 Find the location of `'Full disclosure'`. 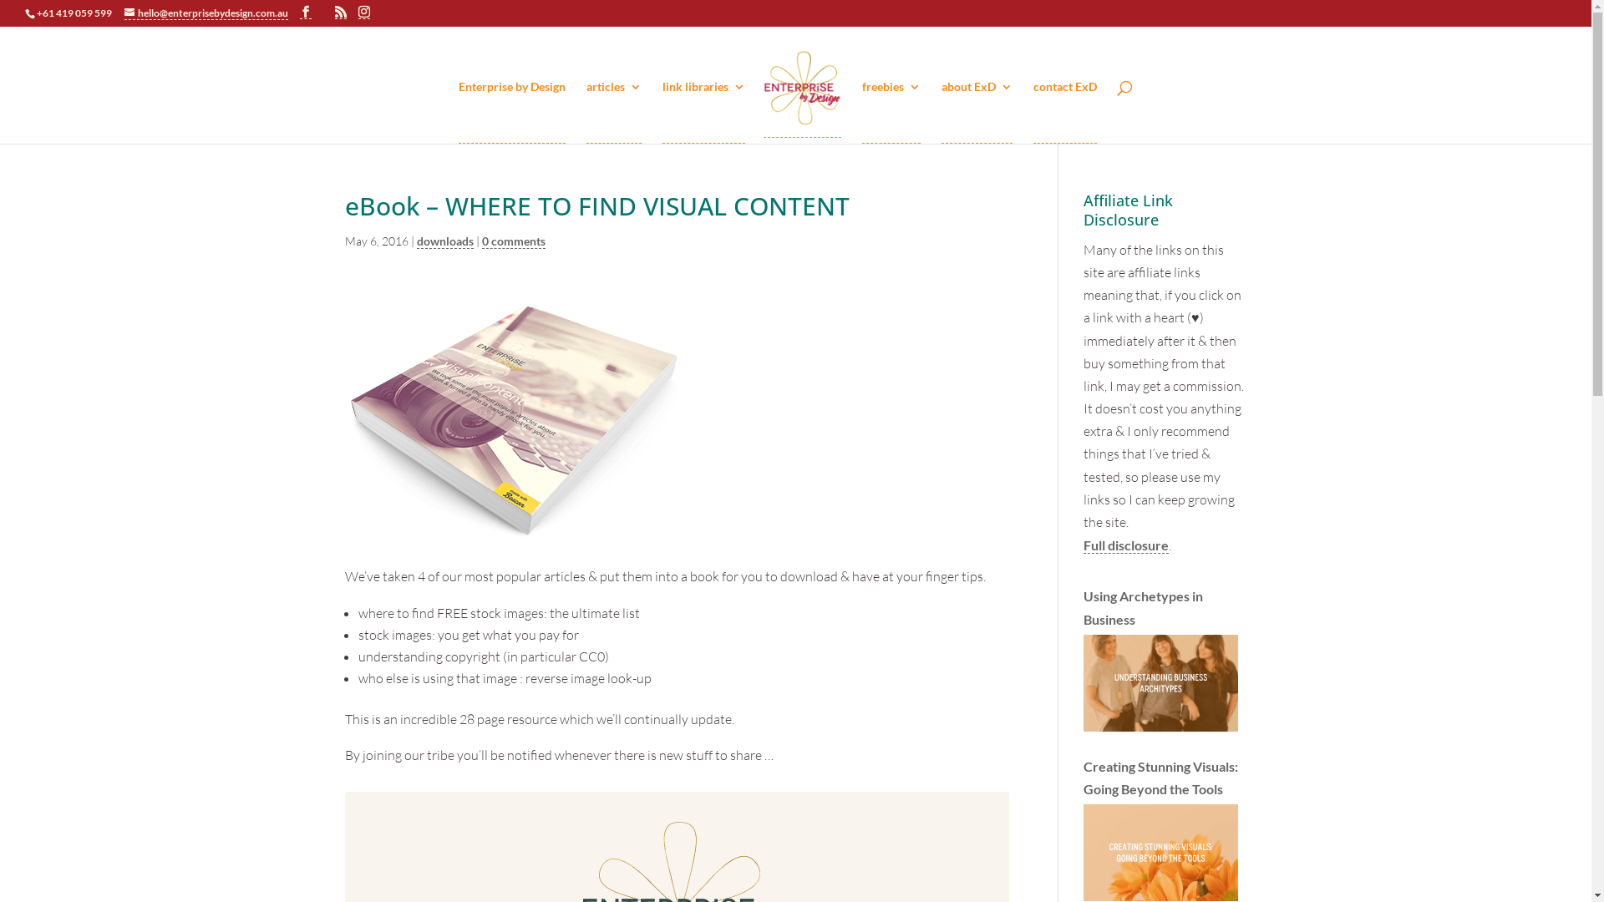

'Full disclosure' is located at coordinates (1126, 545).